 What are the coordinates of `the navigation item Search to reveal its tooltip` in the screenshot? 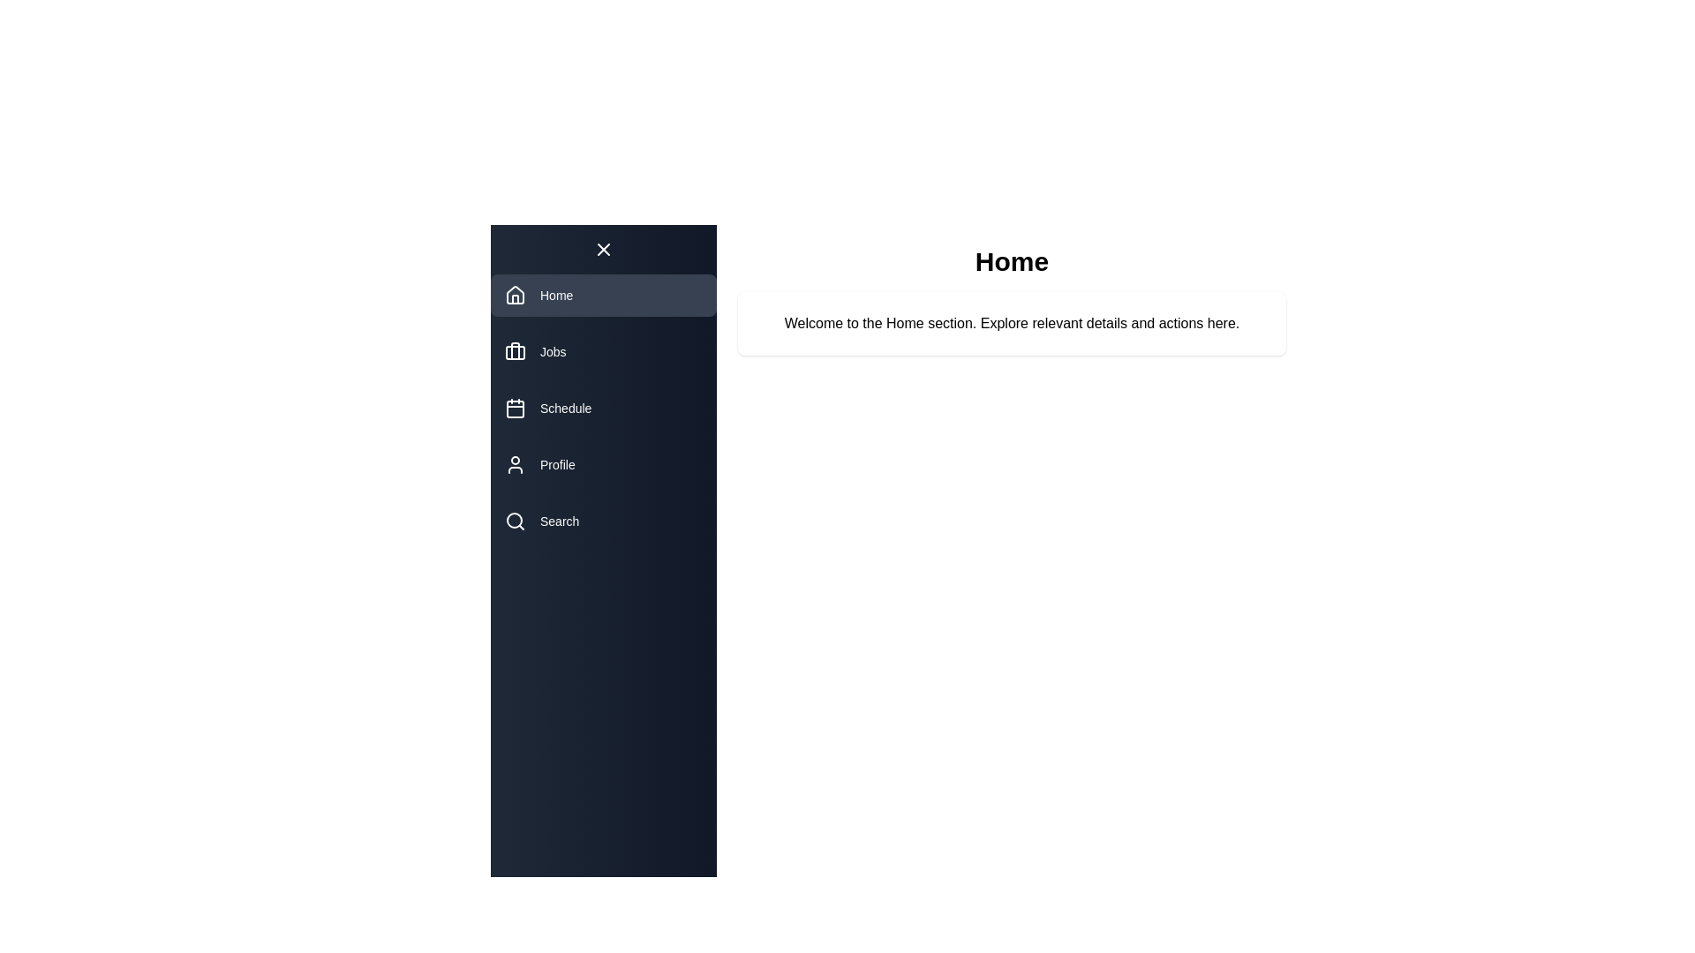 It's located at (604, 520).